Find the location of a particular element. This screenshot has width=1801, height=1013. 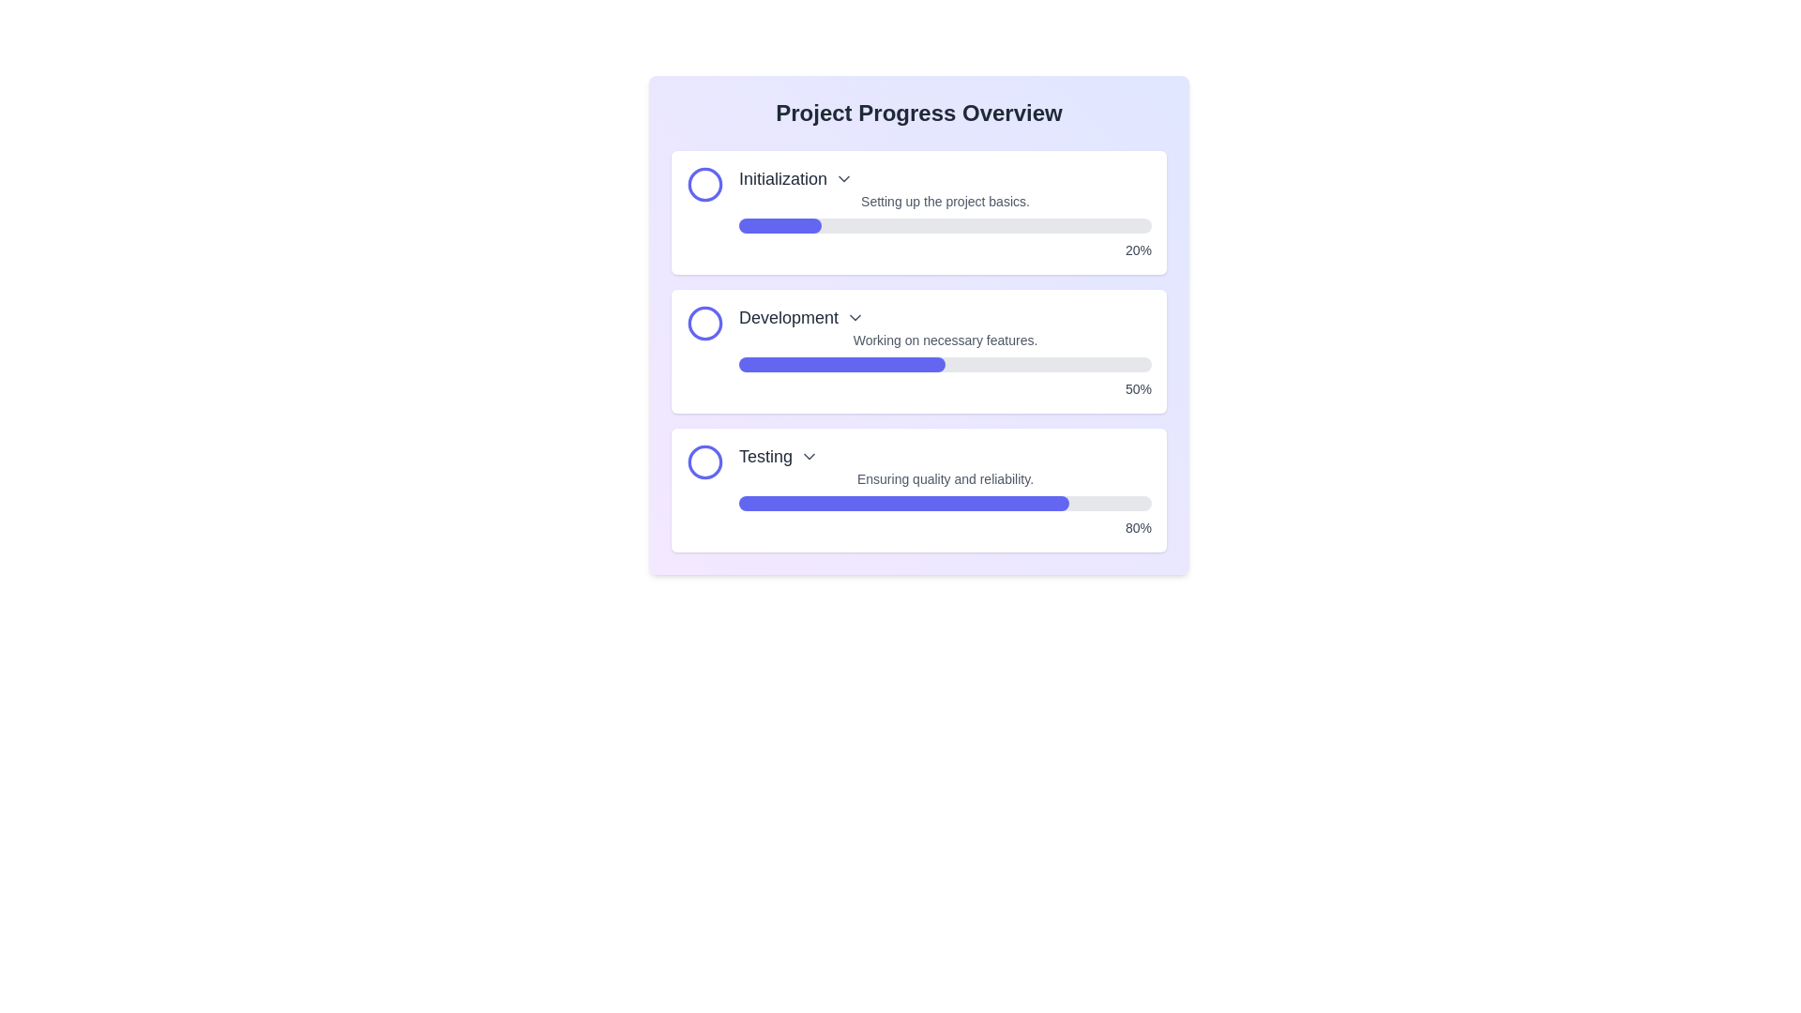

the Progress card, which visually represents the development phase progress and is the second card in a vertically stacked group is located at coordinates (918, 351).